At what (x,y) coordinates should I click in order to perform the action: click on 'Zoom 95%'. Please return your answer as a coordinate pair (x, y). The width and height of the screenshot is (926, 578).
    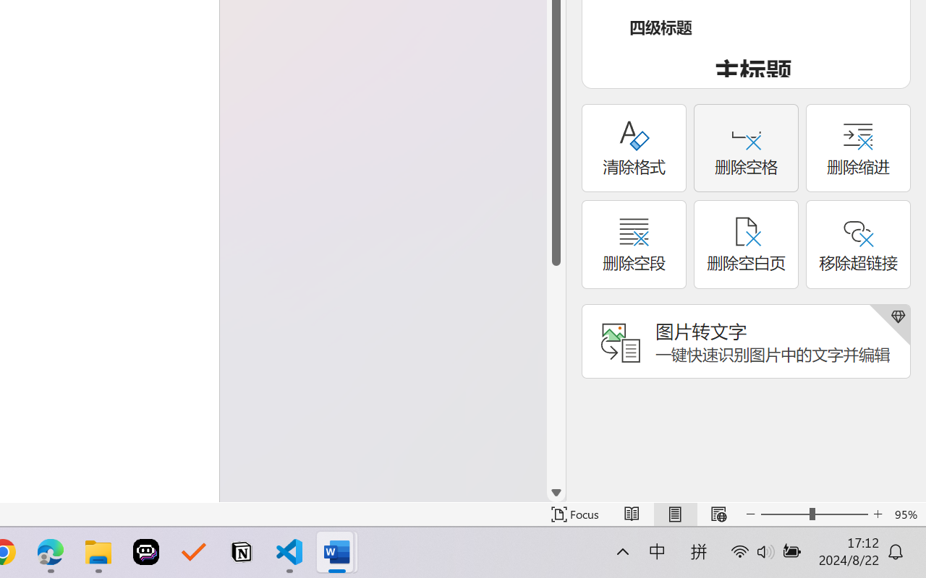
    Looking at the image, I should click on (906, 514).